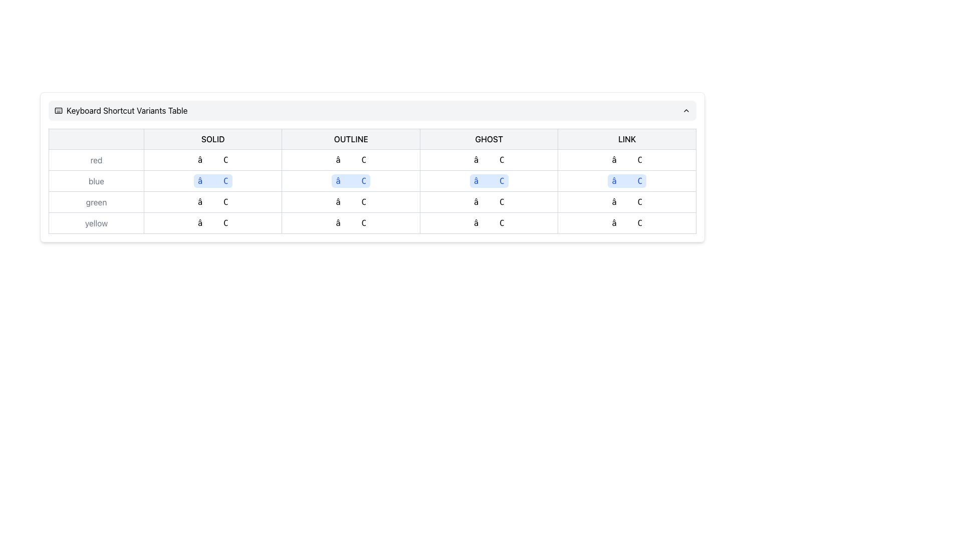 This screenshot has height=541, width=962. I want to click on small rectangular badge with a light blue background and a capital 'C' in blue font, located under the 'GHOST' column and in the 'blue' row of the grid, so click(489, 181).